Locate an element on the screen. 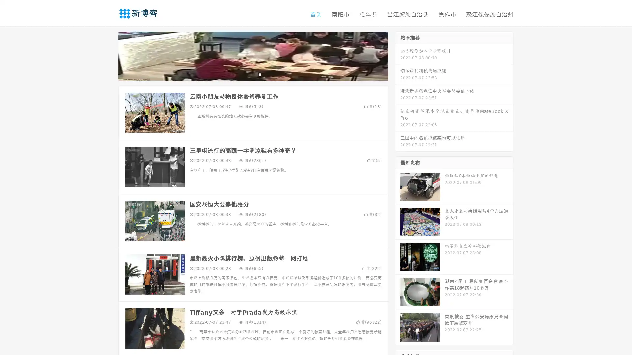 Image resolution: width=632 pixels, height=355 pixels. Go to slide 3 is located at coordinates (260, 74).